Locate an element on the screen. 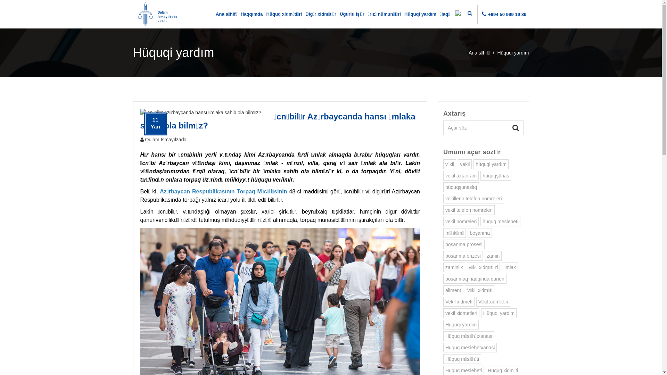 This screenshot has height=375, width=667. 'zamin' is located at coordinates (493, 256).